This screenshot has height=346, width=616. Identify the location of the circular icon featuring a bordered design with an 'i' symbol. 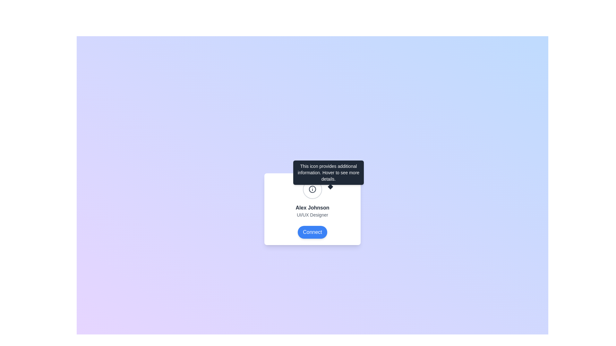
(312, 189).